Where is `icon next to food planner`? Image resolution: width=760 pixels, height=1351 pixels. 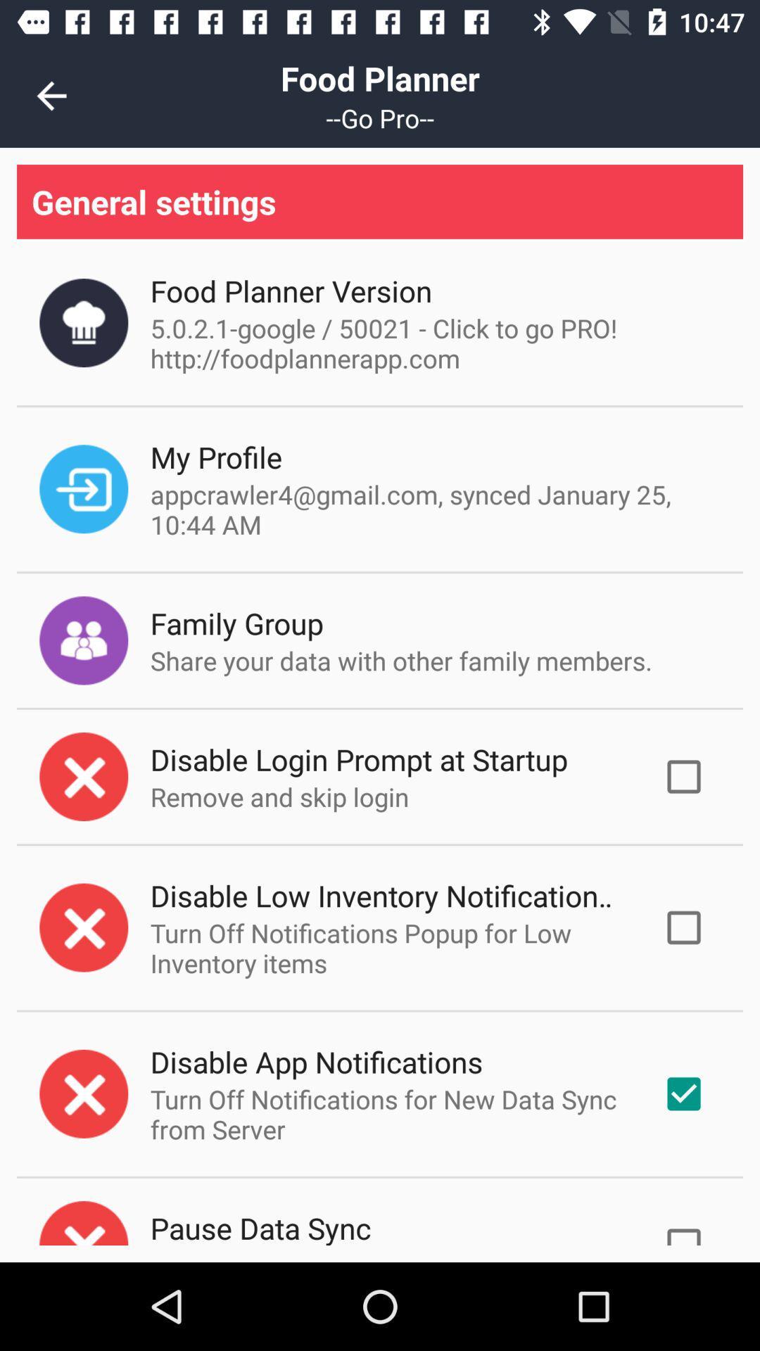 icon next to food planner is located at coordinates (51, 95).